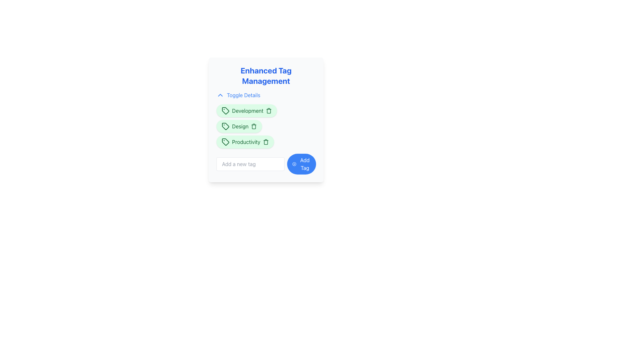 This screenshot has height=351, width=625. What do you see at coordinates (266, 126) in the screenshot?
I see `the second tag labeled 'Design' in the Enhanced Tag Management section` at bounding box center [266, 126].